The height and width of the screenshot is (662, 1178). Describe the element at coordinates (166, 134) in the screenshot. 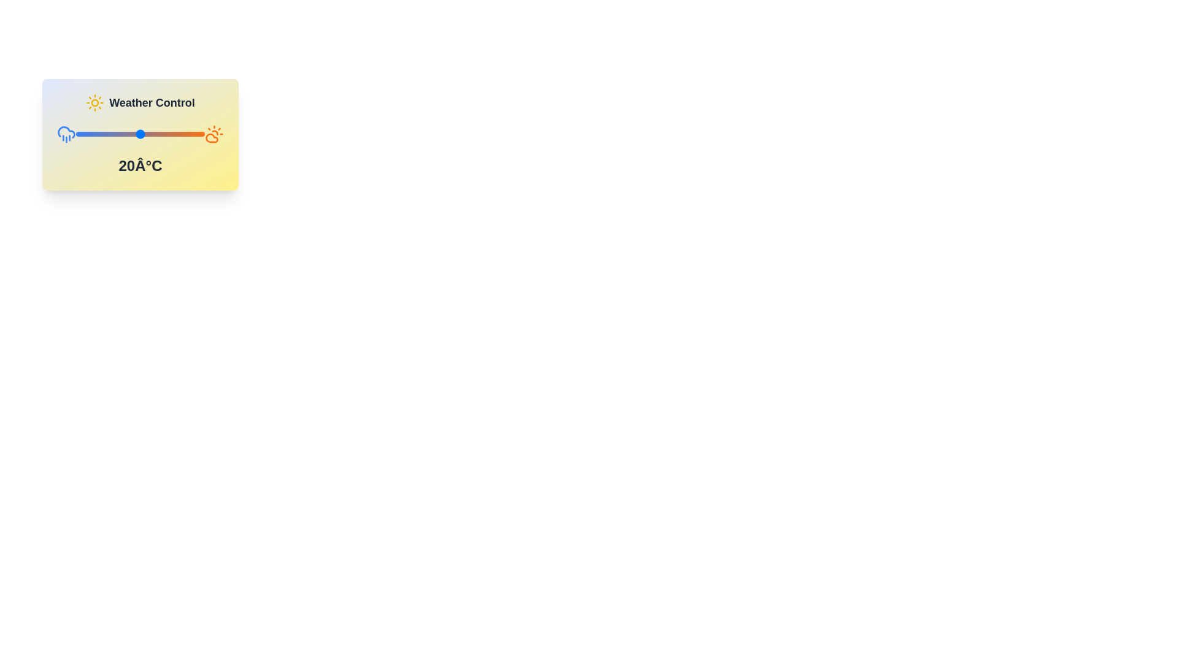

I see `the temperature slider to 32 degrees Celsius` at that location.